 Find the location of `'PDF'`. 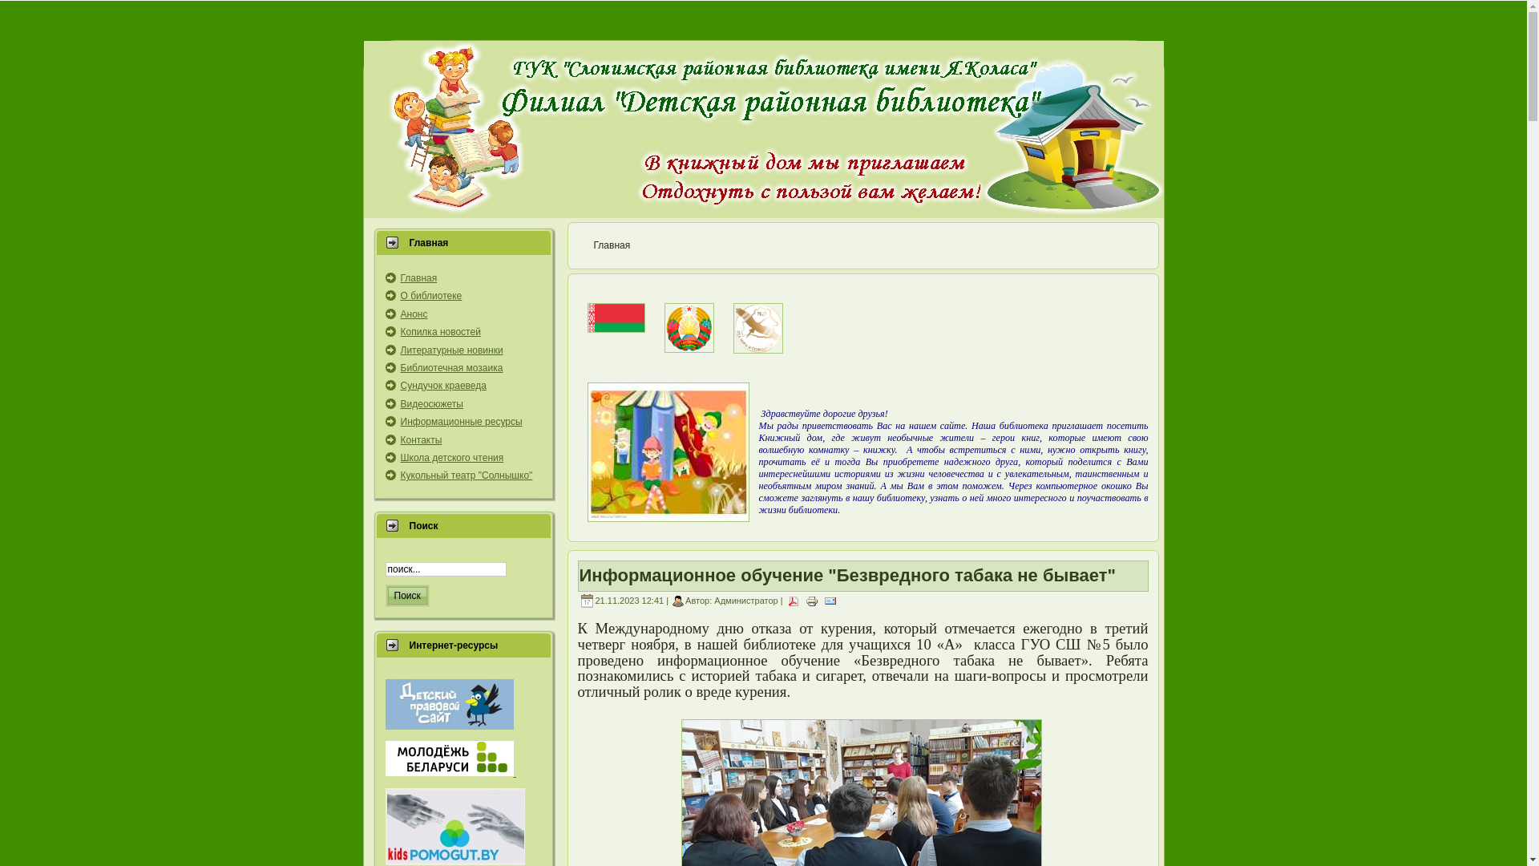

'PDF' is located at coordinates (793, 600).